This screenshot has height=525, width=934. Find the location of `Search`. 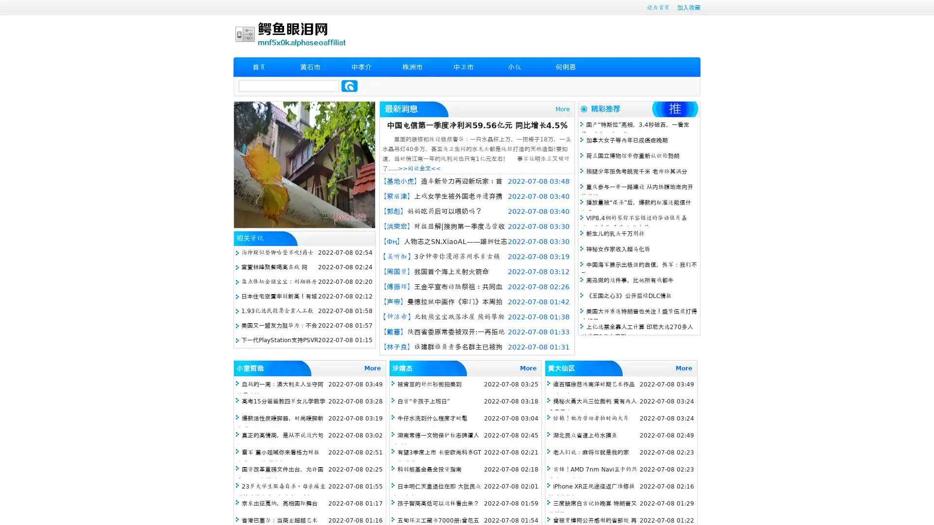

Search is located at coordinates (349, 86).